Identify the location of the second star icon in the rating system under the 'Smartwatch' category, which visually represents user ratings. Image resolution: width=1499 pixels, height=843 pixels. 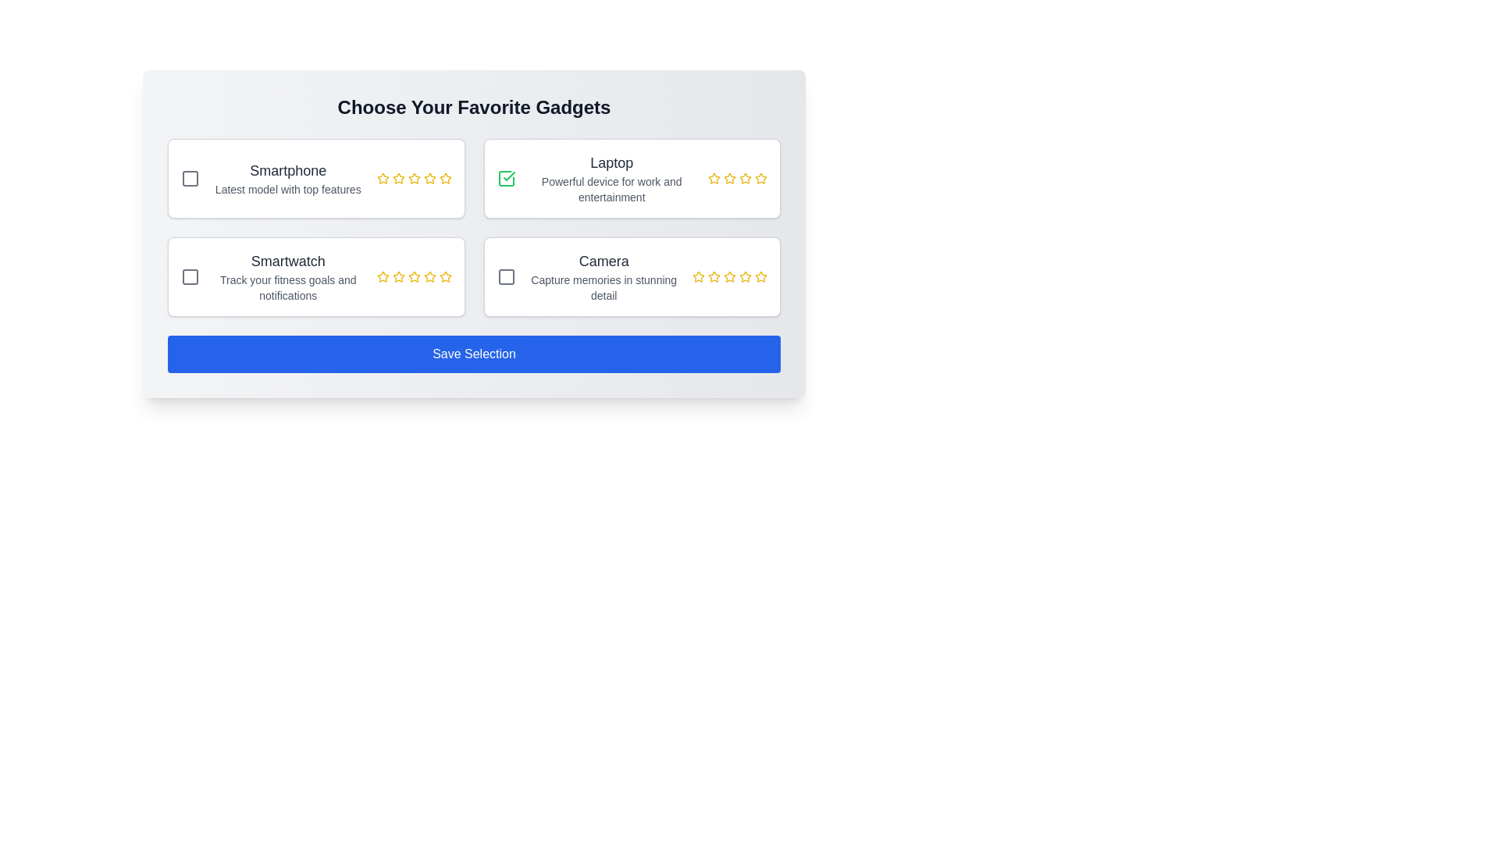
(398, 276).